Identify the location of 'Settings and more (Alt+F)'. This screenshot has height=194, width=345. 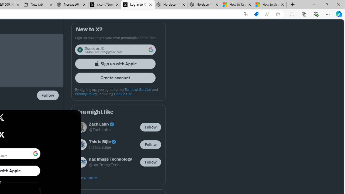
(327, 14).